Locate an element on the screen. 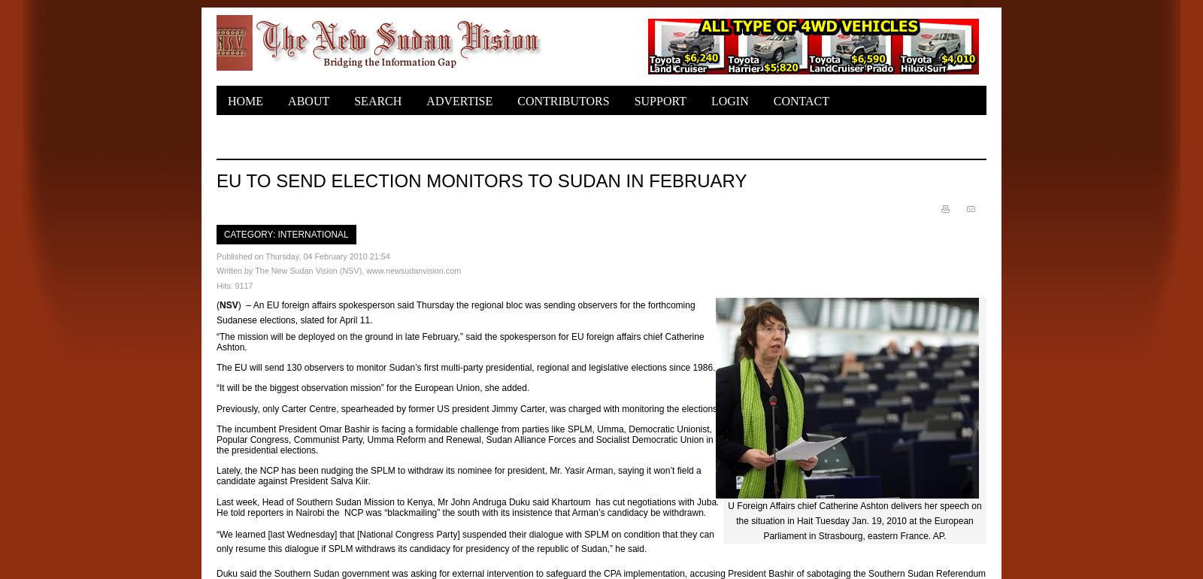 Image resolution: width=1203 pixels, height=579 pixels. 'Advertise' is located at coordinates (459, 101).